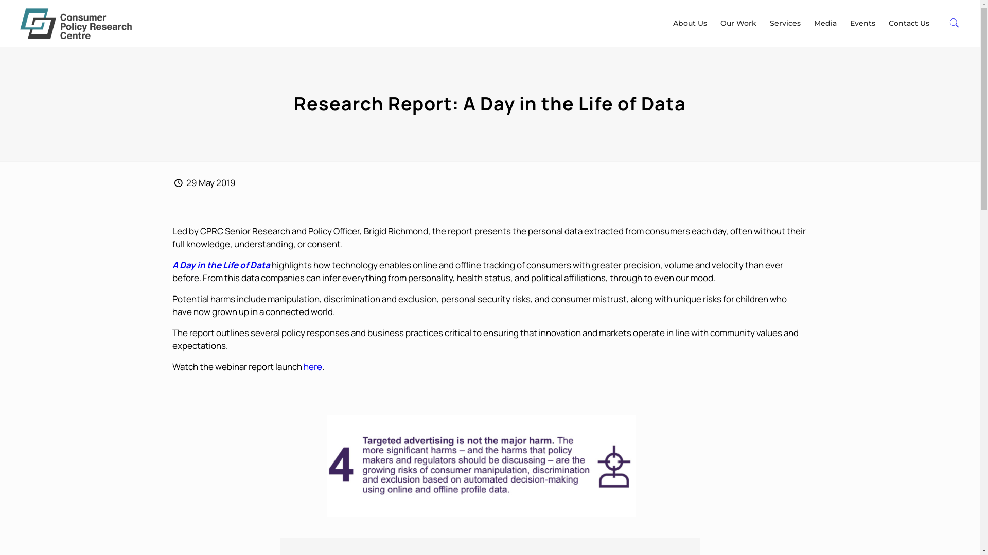 The height and width of the screenshot is (555, 988). What do you see at coordinates (738, 23) in the screenshot?
I see `'Our Work'` at bounding box center [738, 23].